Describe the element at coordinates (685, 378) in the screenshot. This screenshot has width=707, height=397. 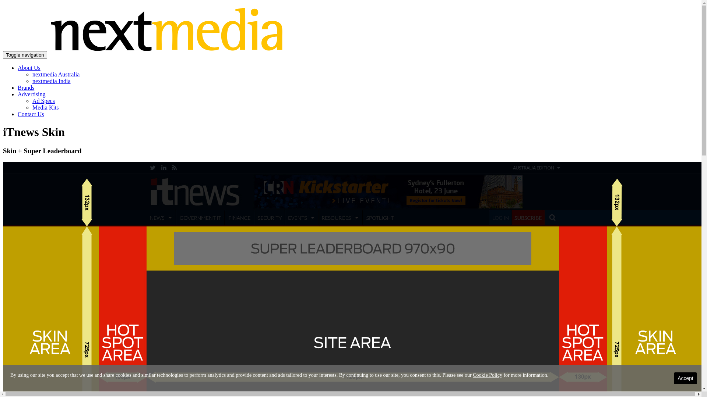
I see `'Accept'` at that location.